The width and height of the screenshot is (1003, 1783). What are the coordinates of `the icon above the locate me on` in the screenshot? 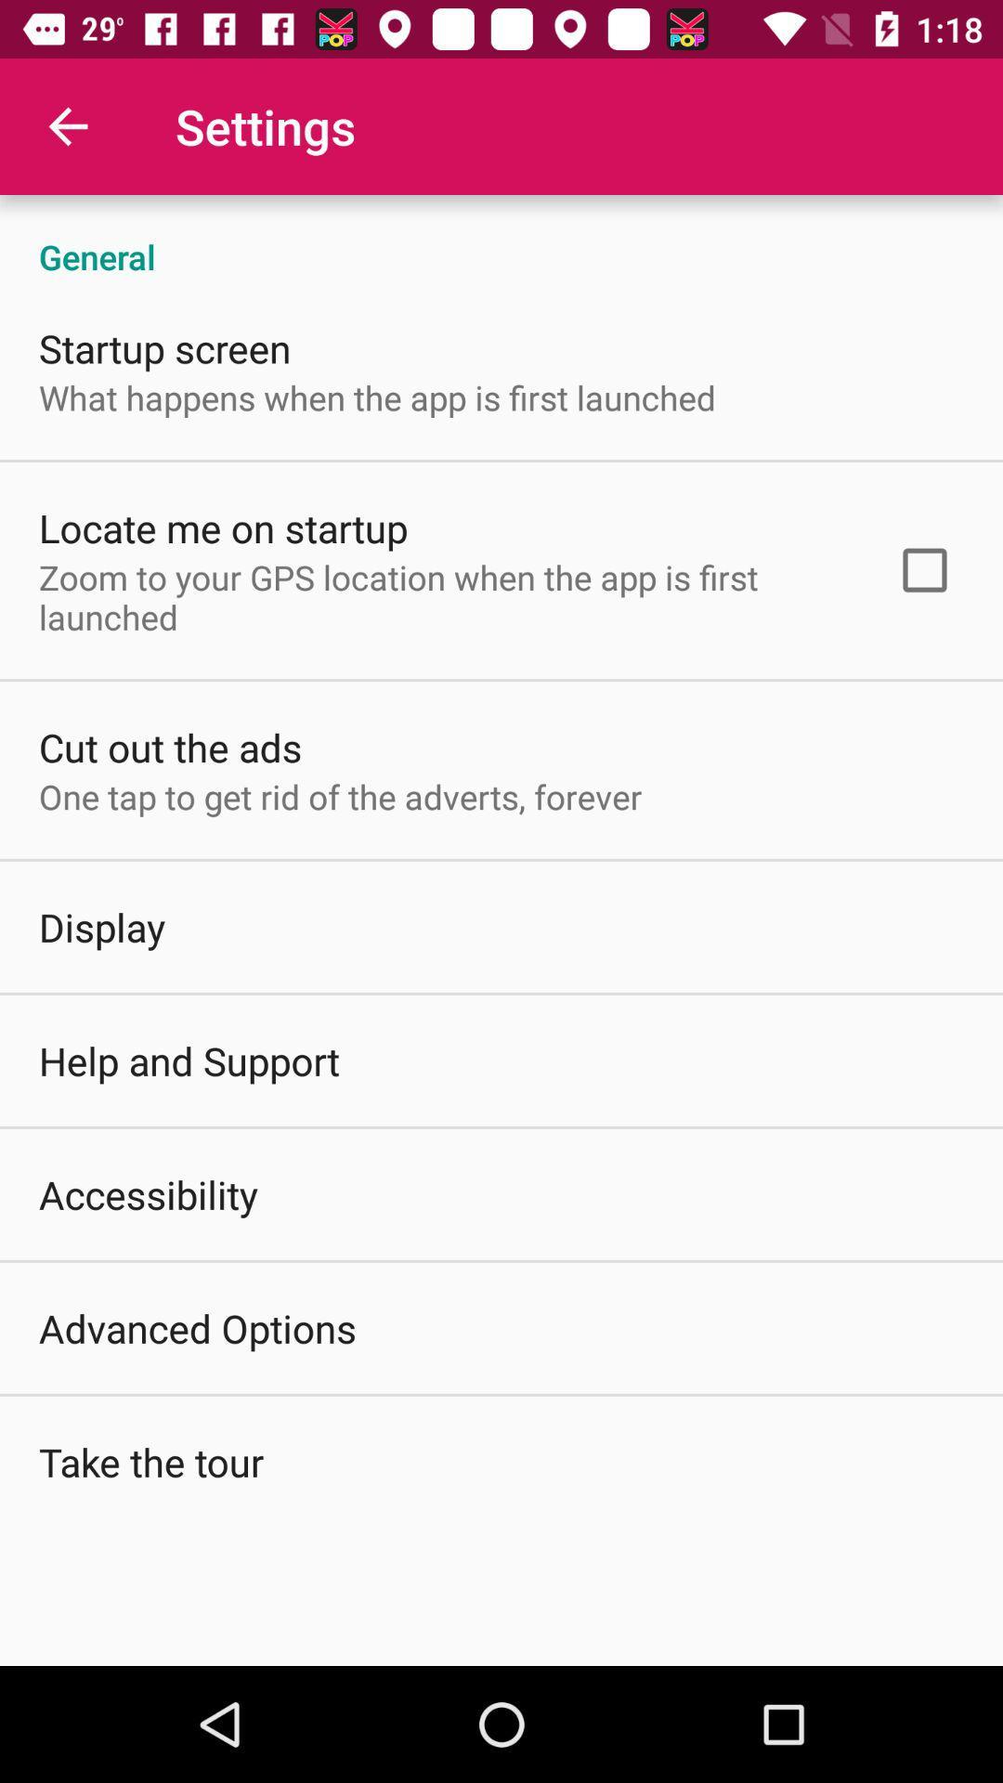 It's located at (376, 397).